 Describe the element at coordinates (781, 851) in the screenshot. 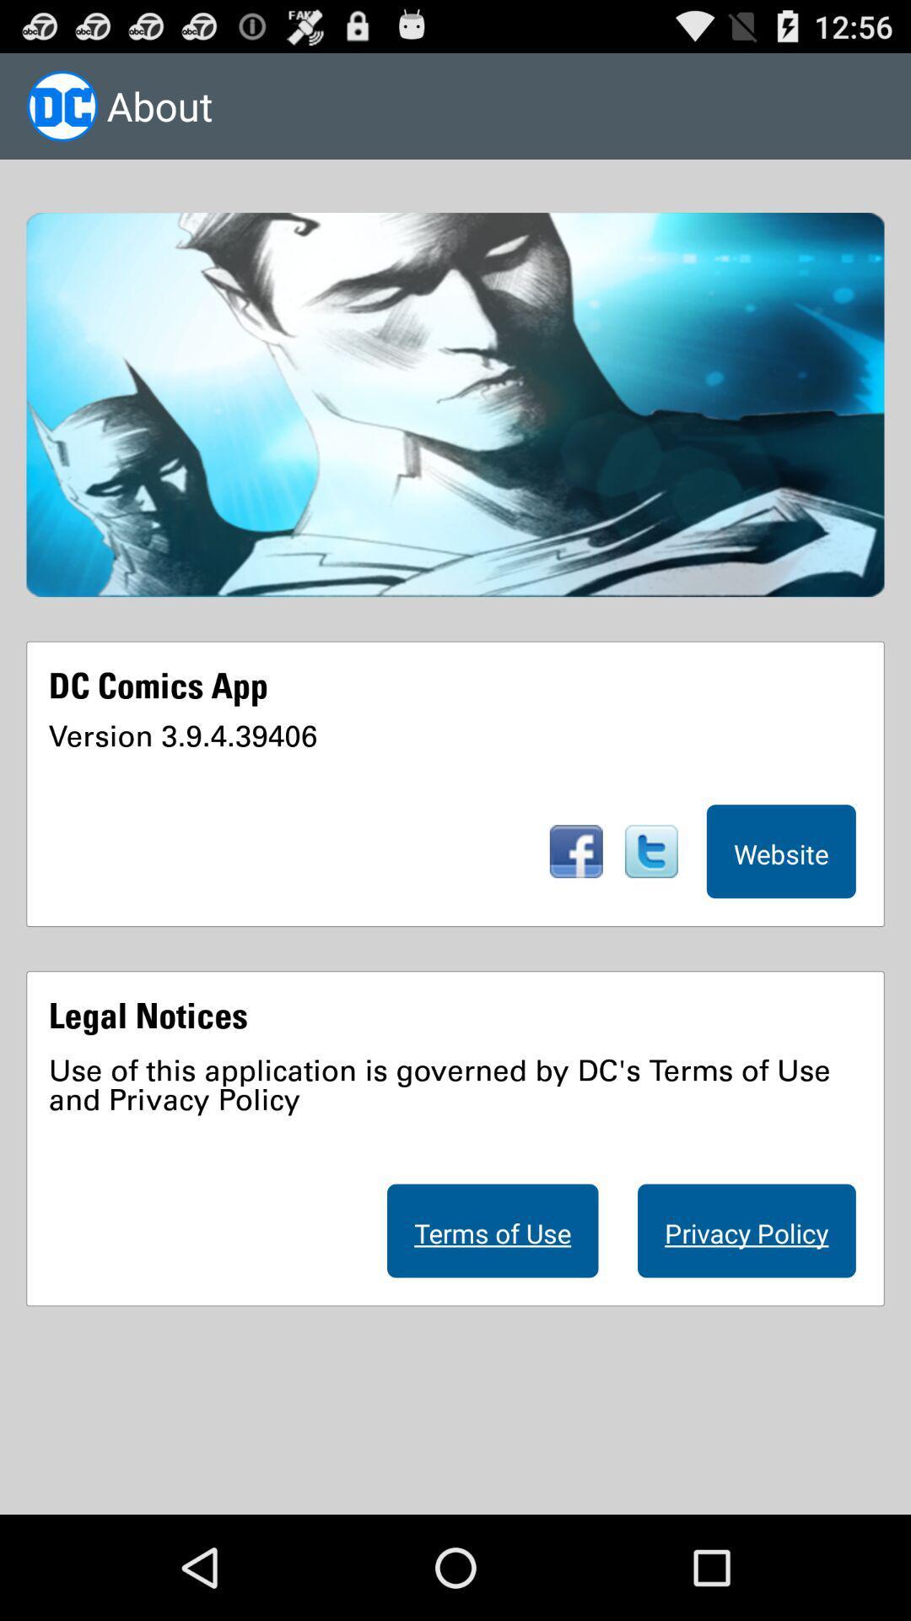

I see `the icon above the legal notices item` at that location.